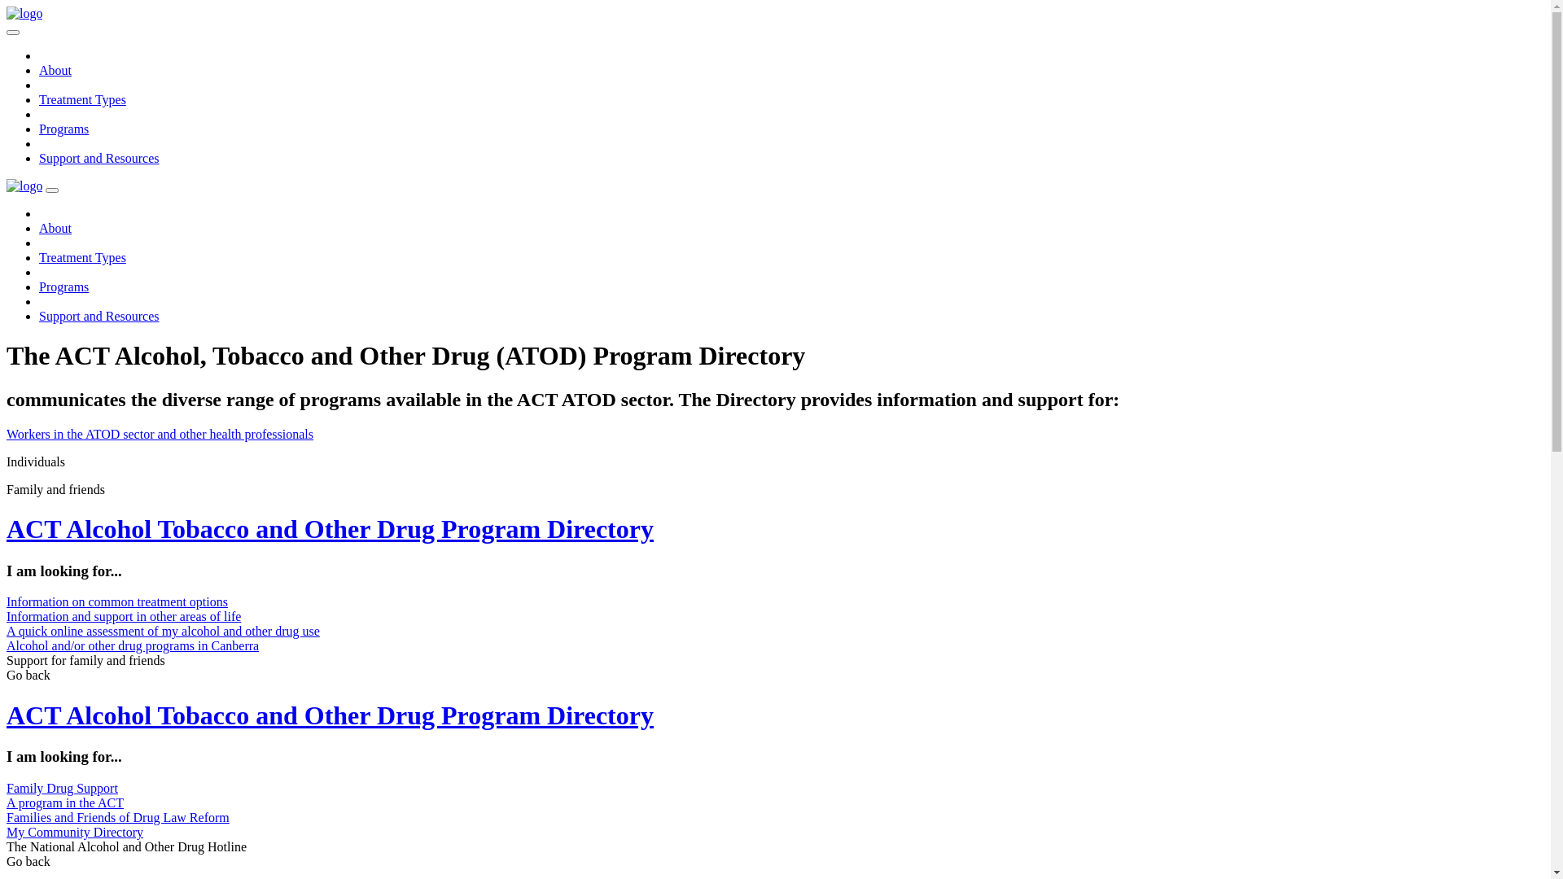 This screenshot has height=879, width=1563. What do you see at coordinates (123, 616) in the screenshot?
I see `'Information and support in other areas of life'` at bounding box center [123, 616].